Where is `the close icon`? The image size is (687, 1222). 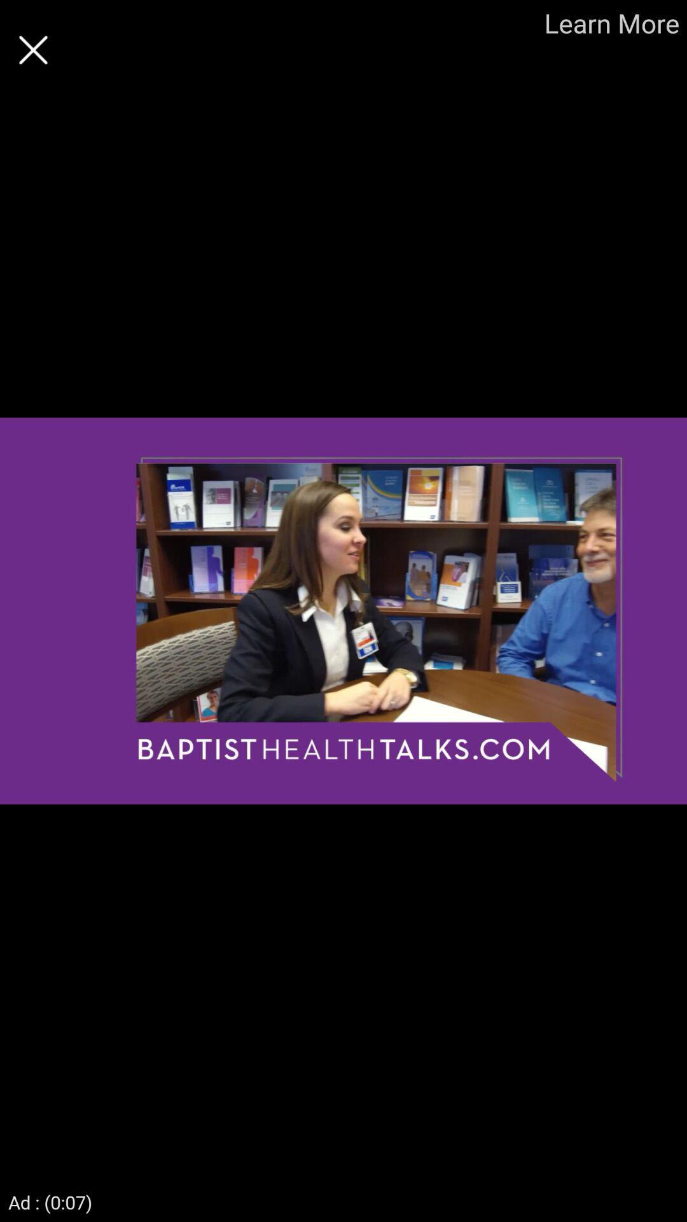 the close icon is located at coordinates (32, 50).